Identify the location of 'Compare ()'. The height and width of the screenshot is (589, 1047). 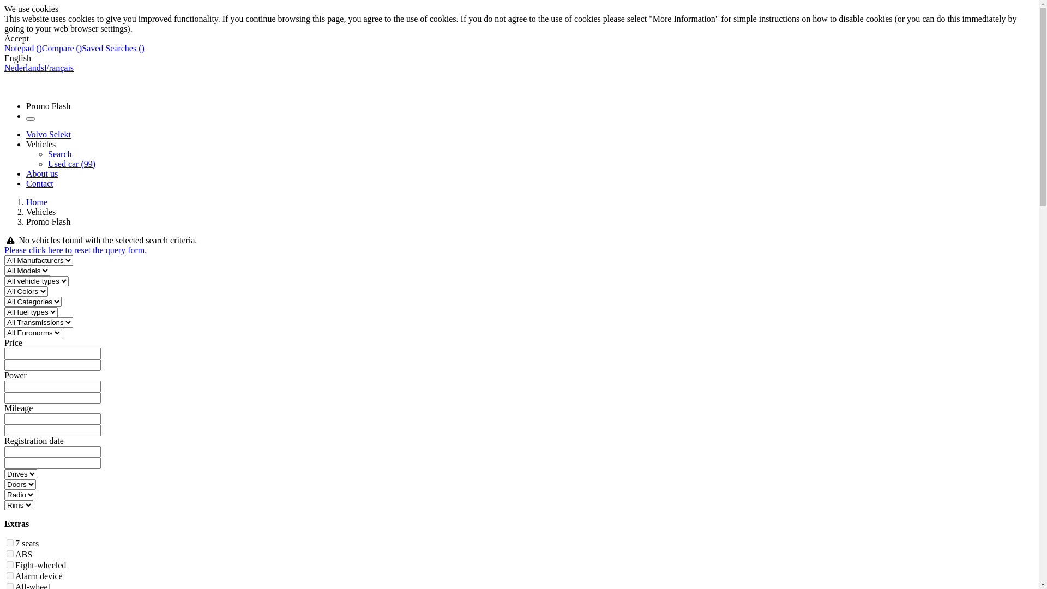
(61, 47).